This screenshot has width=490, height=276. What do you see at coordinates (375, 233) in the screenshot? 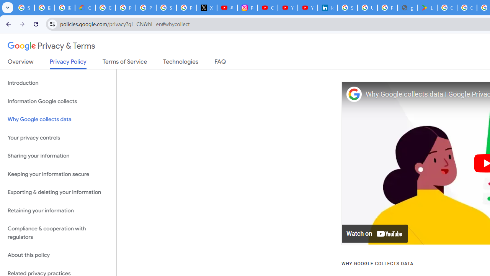
I see `'Watch on YouTube'` at bounding box center [375, 233].